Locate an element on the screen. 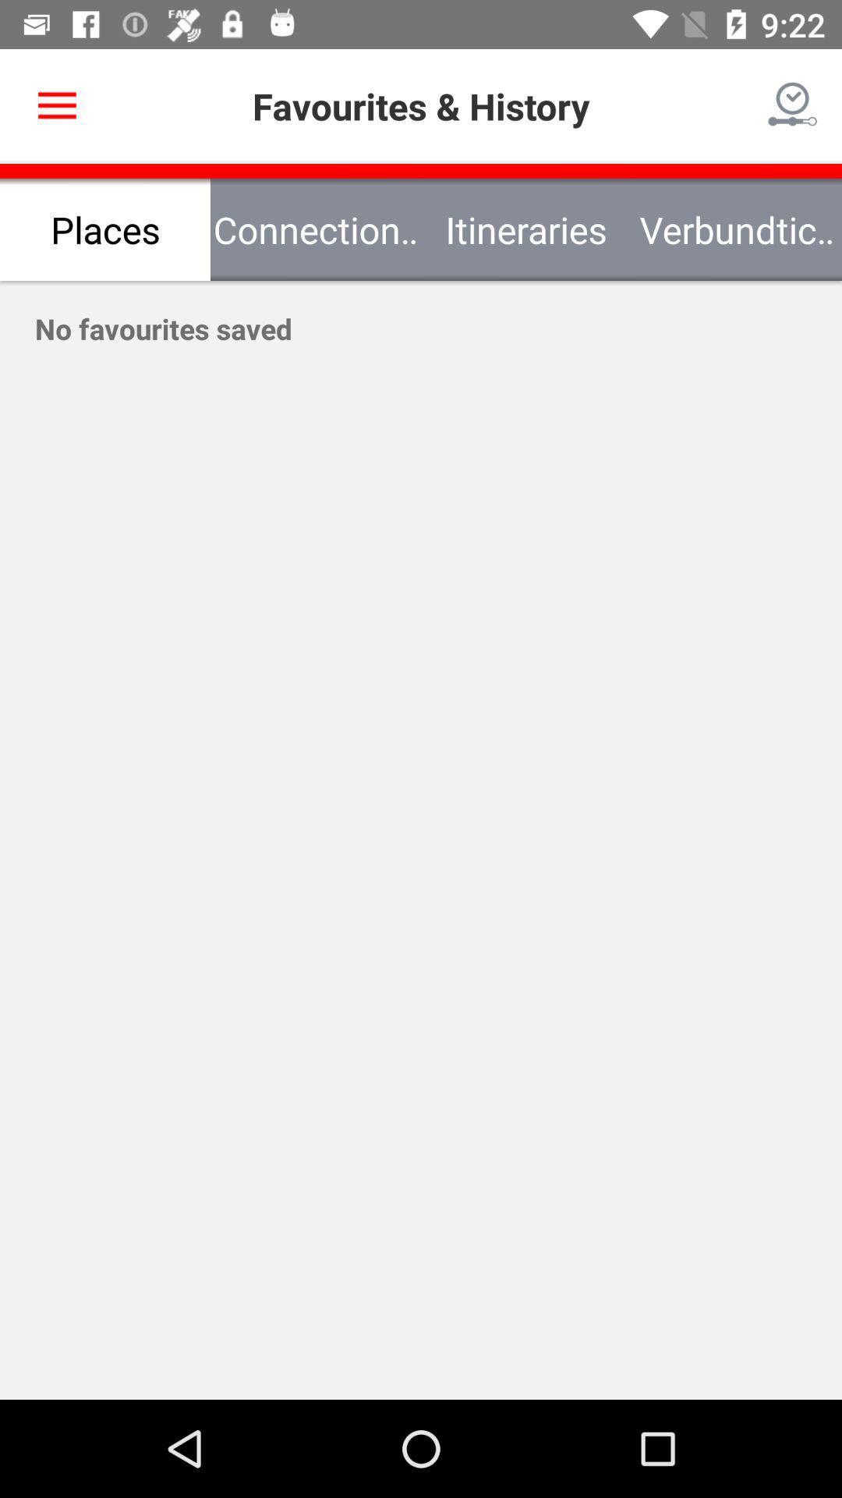  the icon next to the verbundtickets icon is located at coordinates (526, 229).